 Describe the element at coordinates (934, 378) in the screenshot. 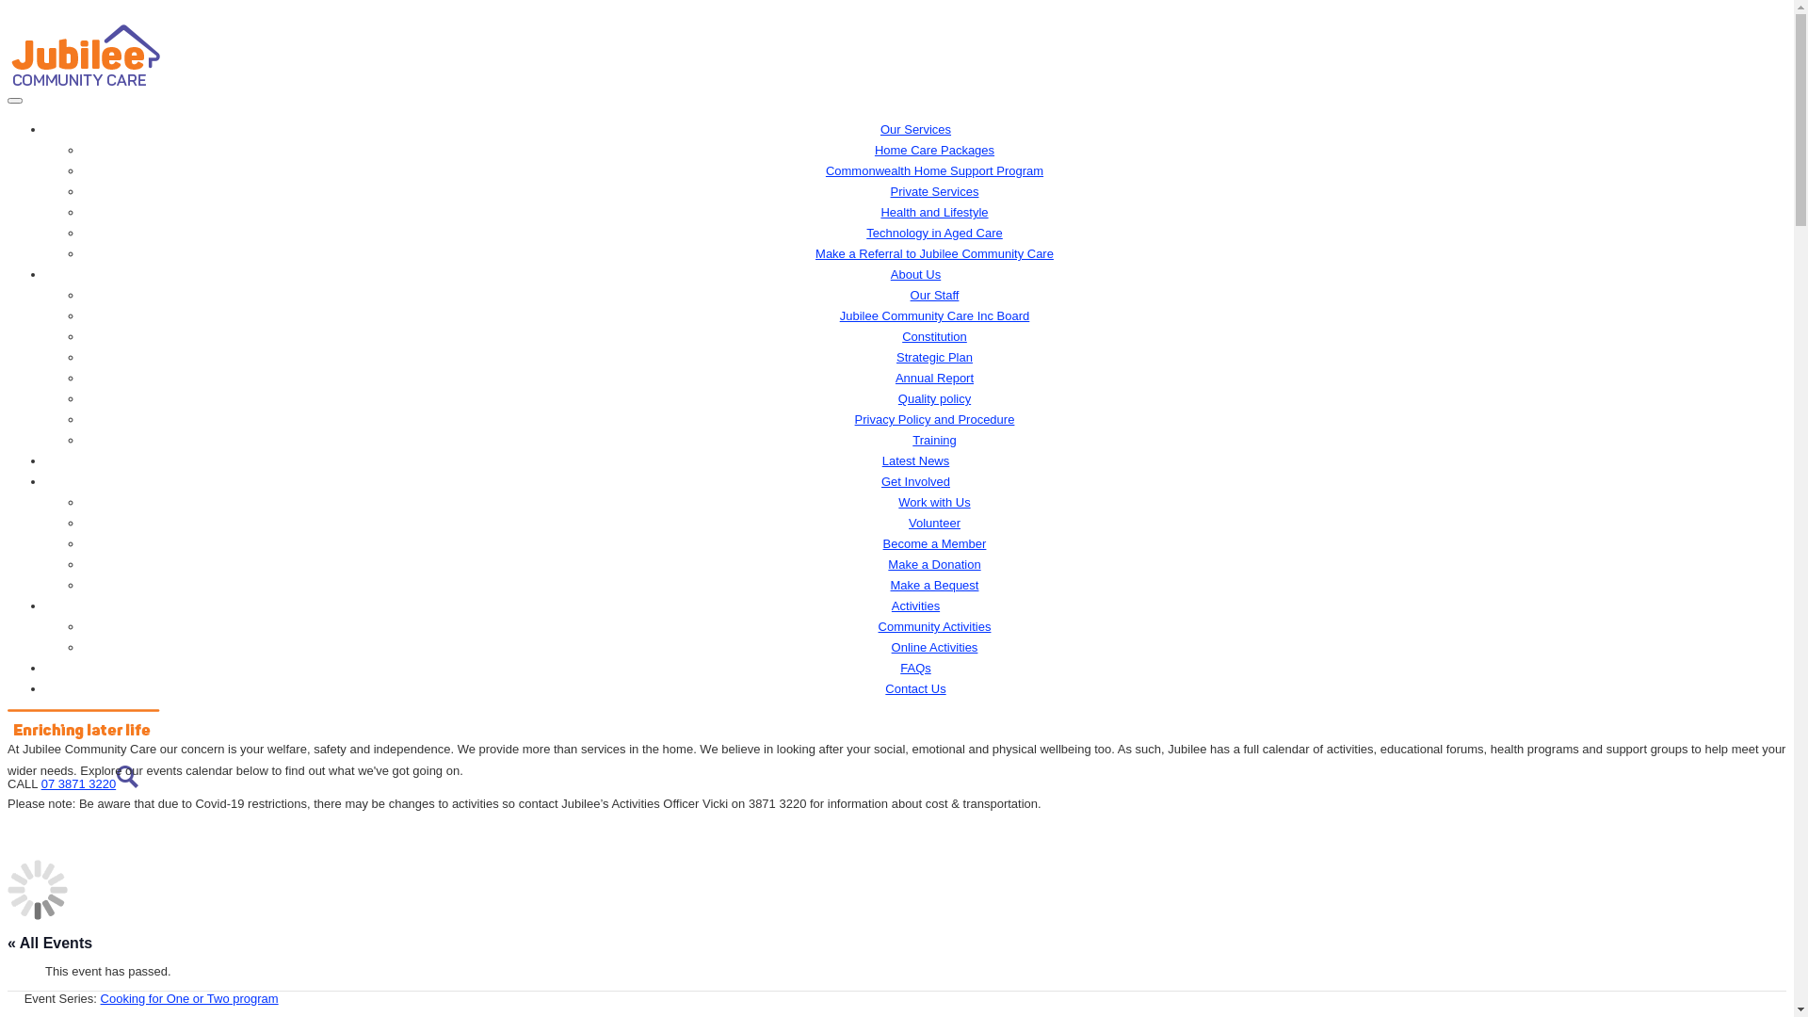

I see `'Annual Report'` at that location.